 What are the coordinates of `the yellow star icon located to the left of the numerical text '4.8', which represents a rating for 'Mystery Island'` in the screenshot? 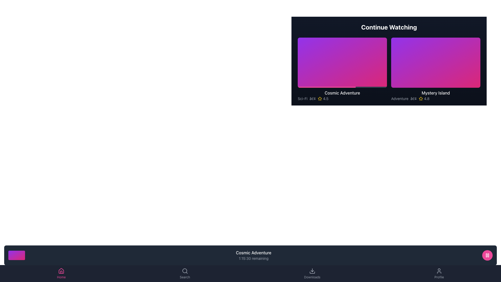 It's located at (421, 99).